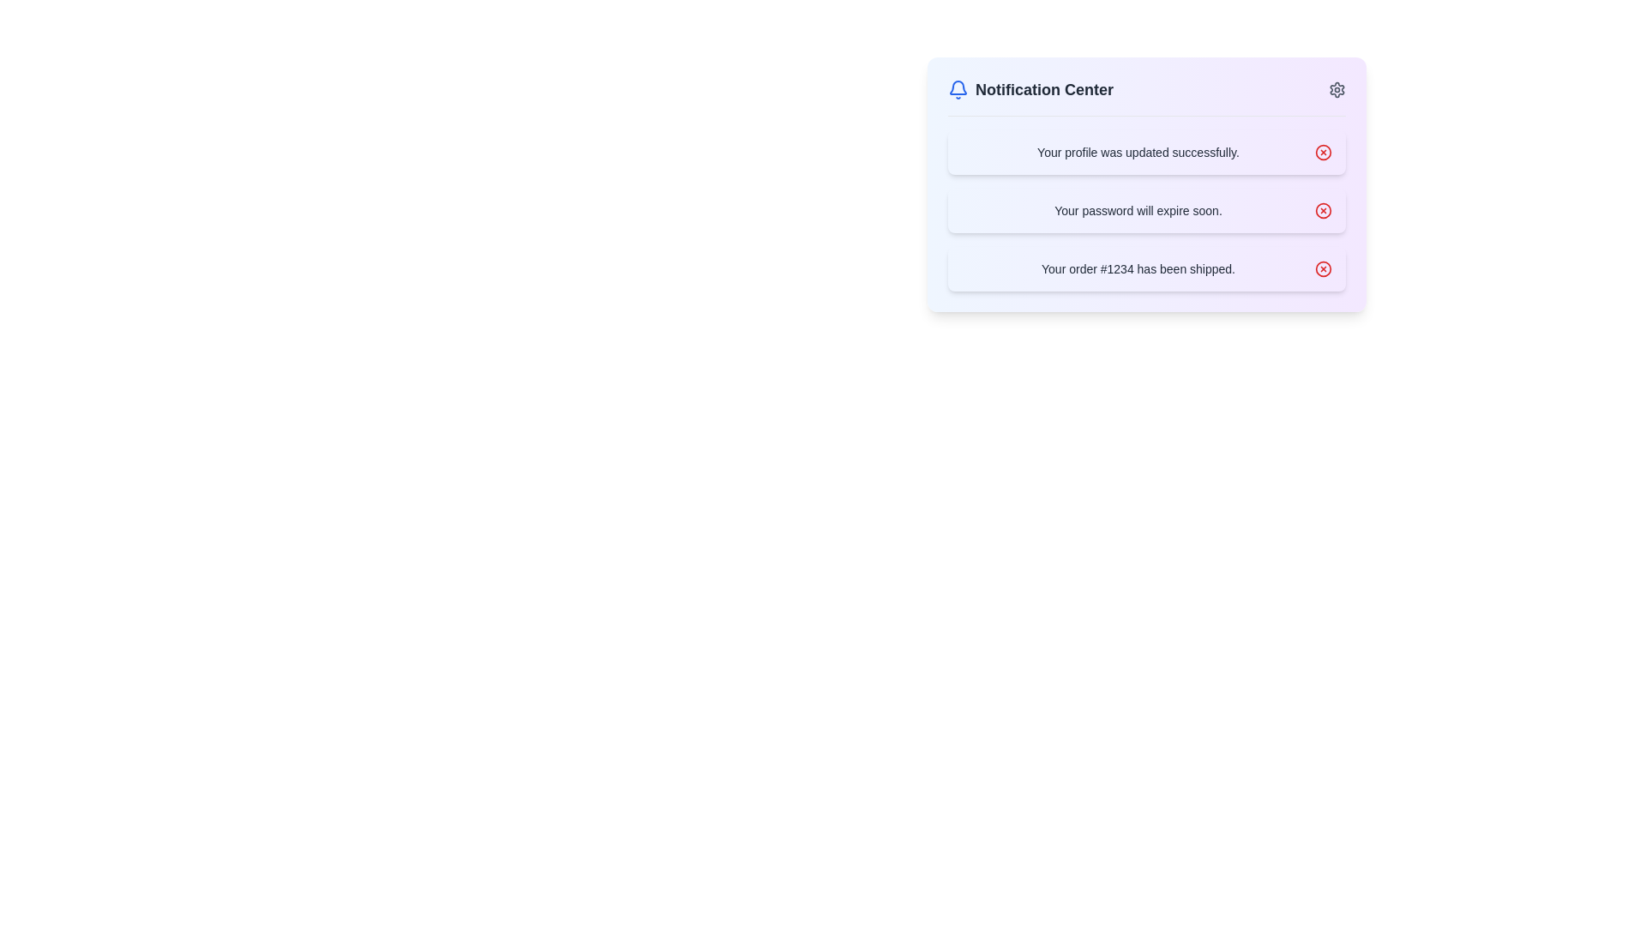  I want to click on the notification message that states 'Your password will expire soon.', so click(1147, 210).